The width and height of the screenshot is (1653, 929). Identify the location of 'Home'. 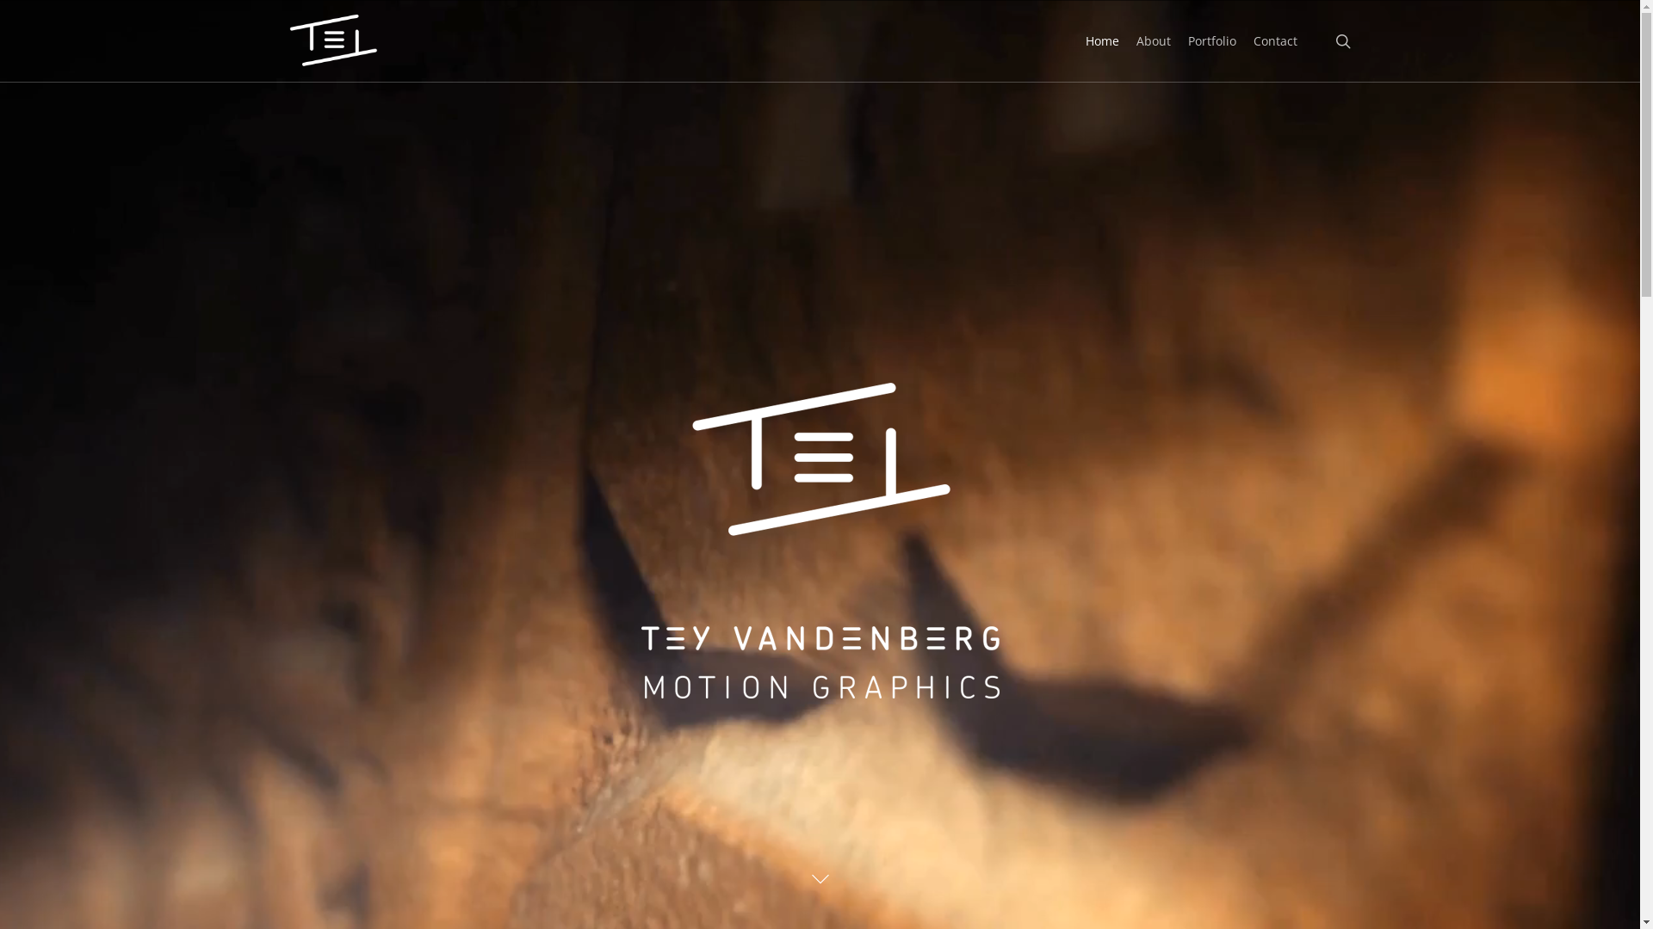
(1102, 40).